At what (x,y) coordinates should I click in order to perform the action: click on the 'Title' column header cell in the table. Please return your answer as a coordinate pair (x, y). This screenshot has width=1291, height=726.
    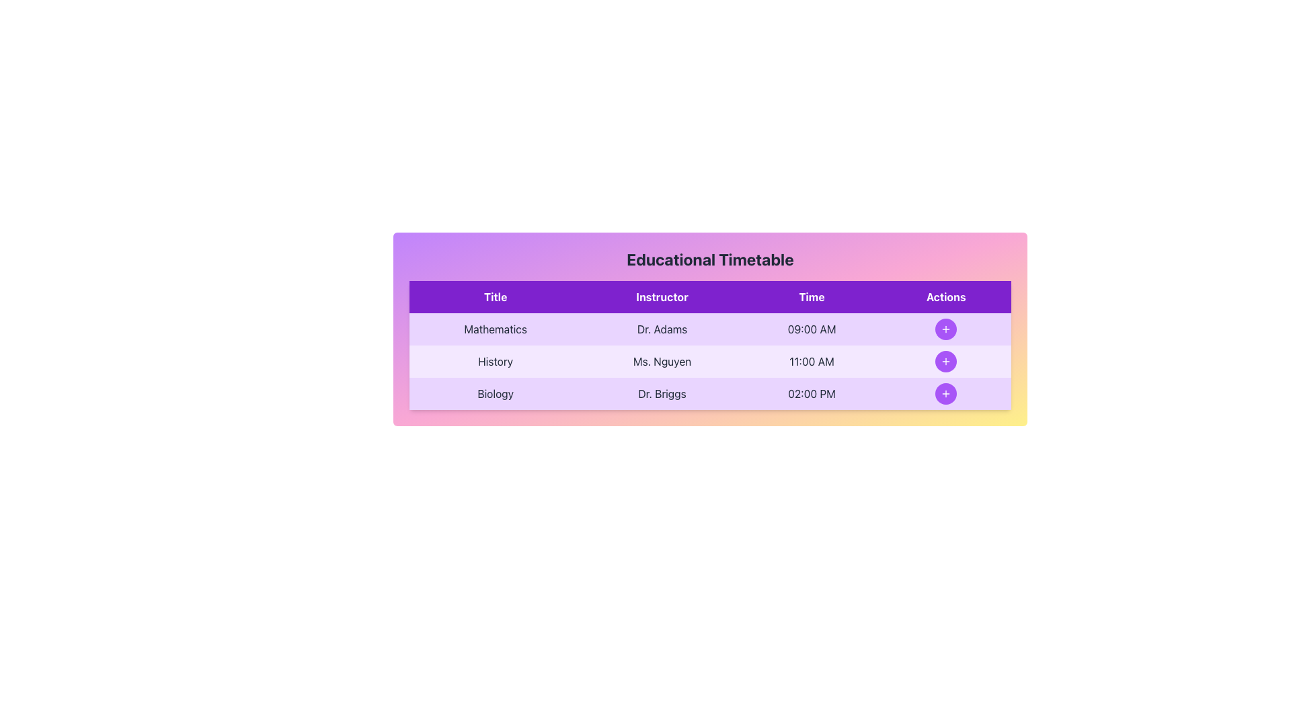
    Looking at the image, I should click on (495, 296).